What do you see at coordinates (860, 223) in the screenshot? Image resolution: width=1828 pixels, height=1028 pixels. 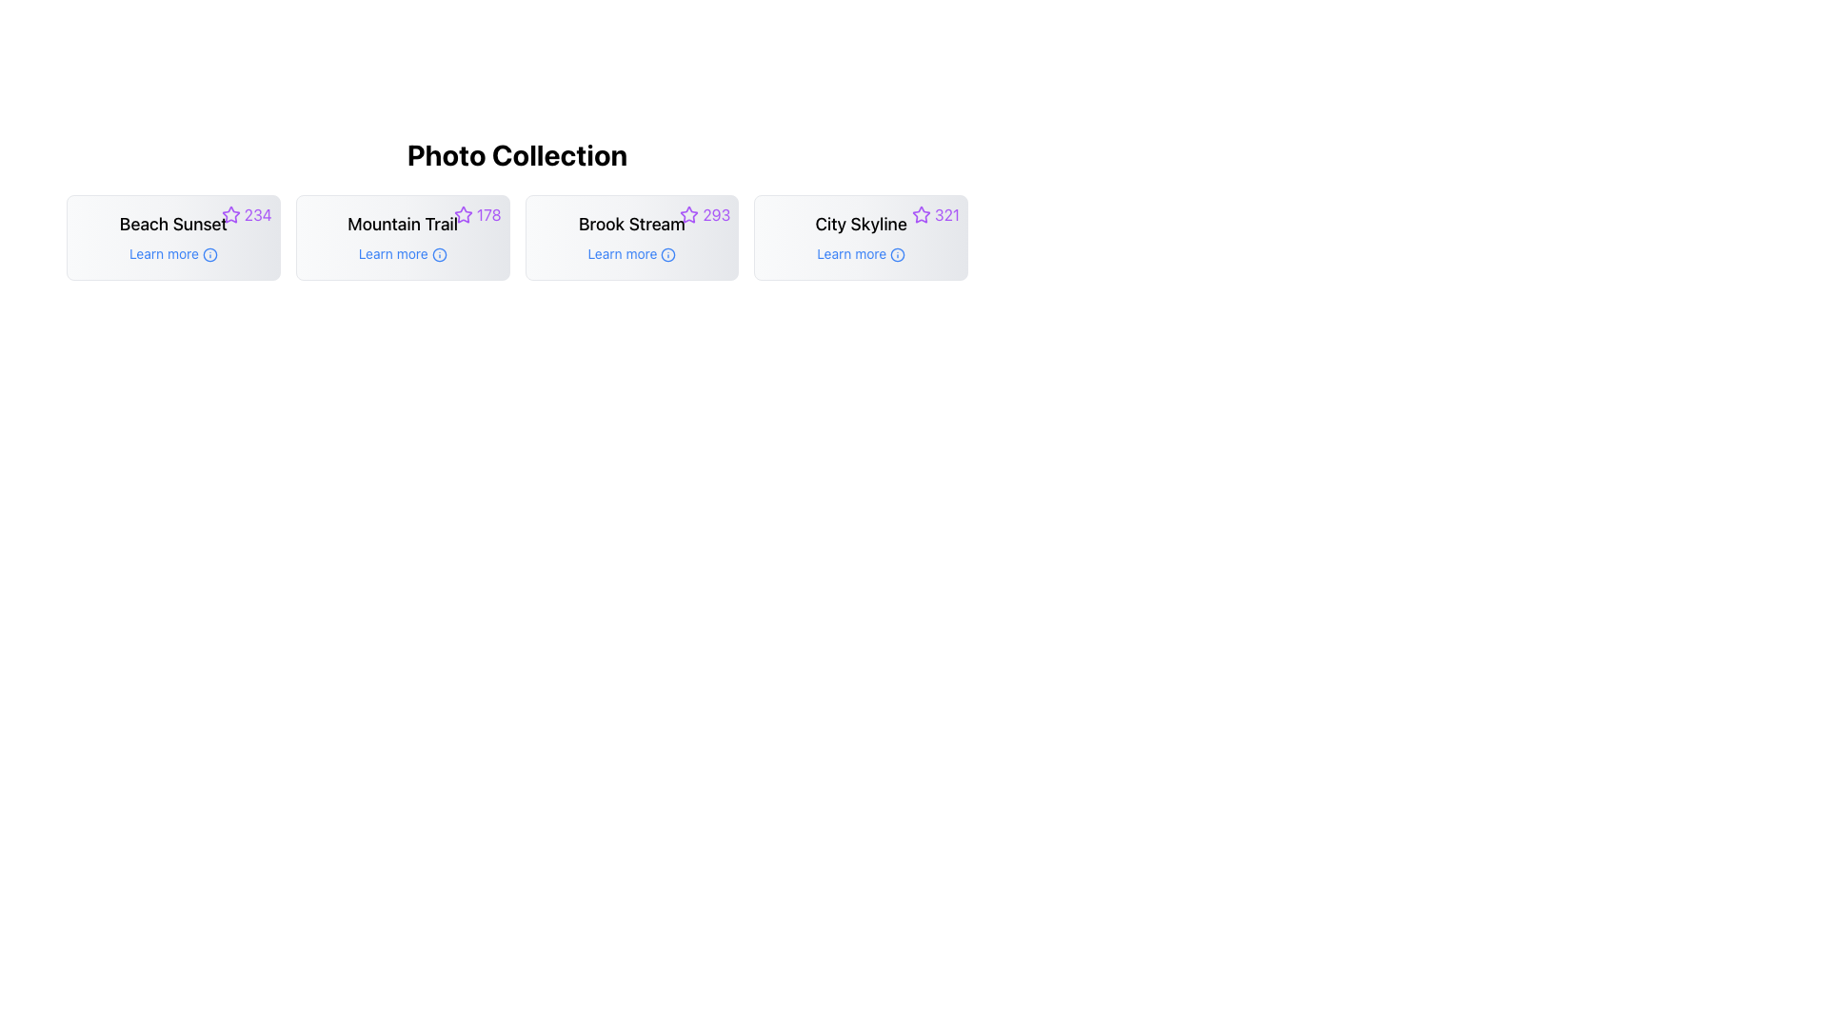 I see `text label that serves as the title of the entry in the photo collection, centrally located near the top of the fourth card in a horizontally aligned grid` at bounding box center [860, 223].